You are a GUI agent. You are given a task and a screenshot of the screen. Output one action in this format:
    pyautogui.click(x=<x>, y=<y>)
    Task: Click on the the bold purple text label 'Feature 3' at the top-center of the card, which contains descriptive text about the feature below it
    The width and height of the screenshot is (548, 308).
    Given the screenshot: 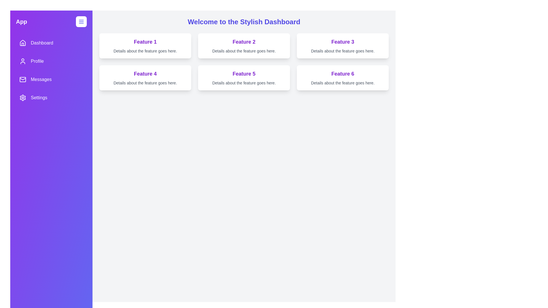 What is the action you would take?
    pyautogui.click(x=342, y=41)
    